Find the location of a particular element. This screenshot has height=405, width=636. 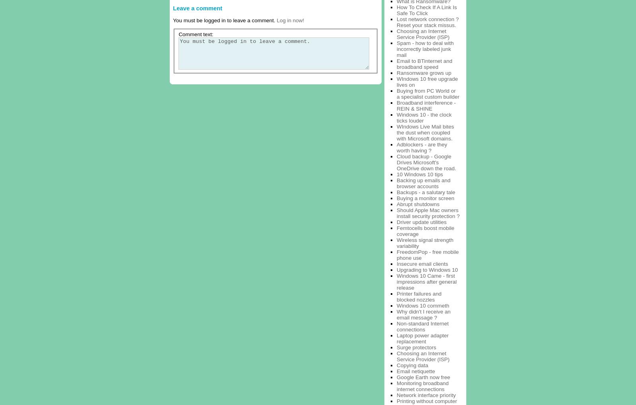

'Adblockers - are they worth having ?' is located at coordinates (422, 147).